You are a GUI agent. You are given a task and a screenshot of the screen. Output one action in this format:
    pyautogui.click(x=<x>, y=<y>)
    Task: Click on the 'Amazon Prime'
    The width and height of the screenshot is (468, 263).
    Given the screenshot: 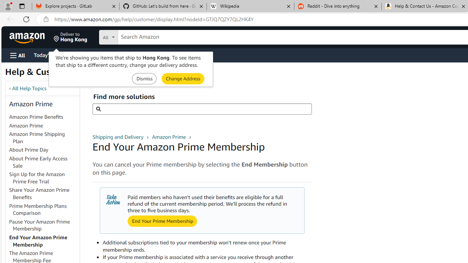 What is the action you would take?
    pyautogui.click(x=44, y=125)
    